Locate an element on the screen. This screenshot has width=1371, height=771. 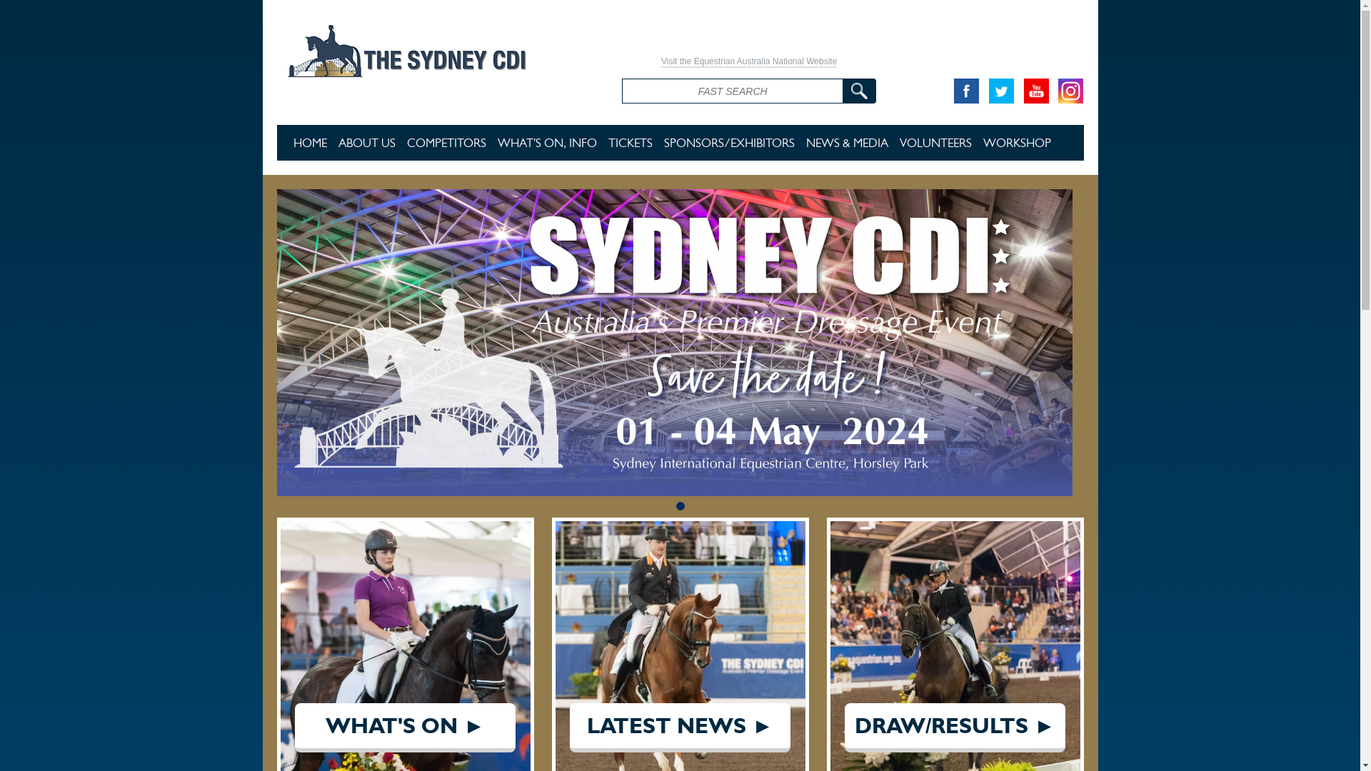
'Visit the Equestrian Australia National Website' is located at coordinates (748, 61).